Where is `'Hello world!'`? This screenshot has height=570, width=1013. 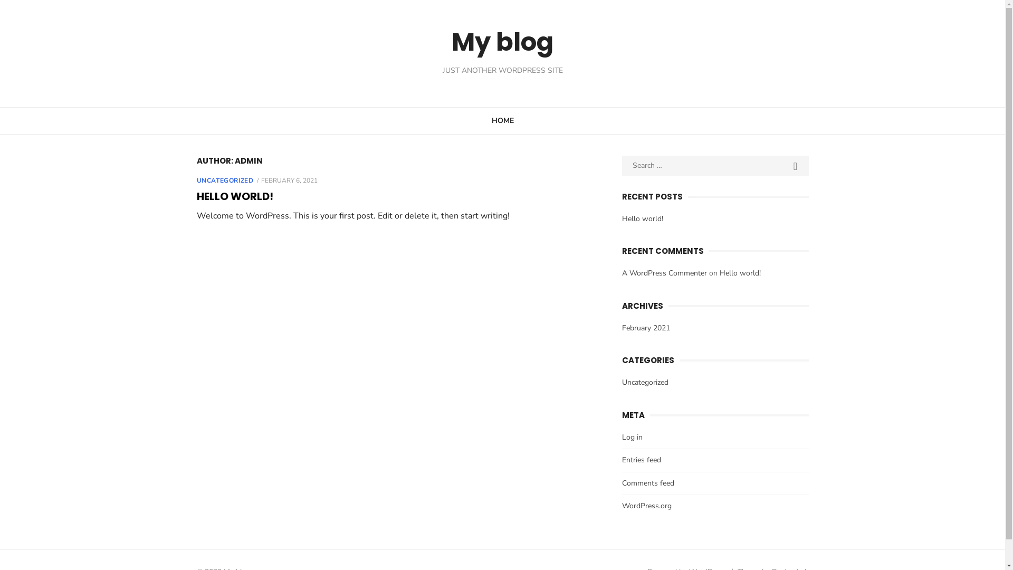
'Hello world!' is located at coordinates (642, 217).